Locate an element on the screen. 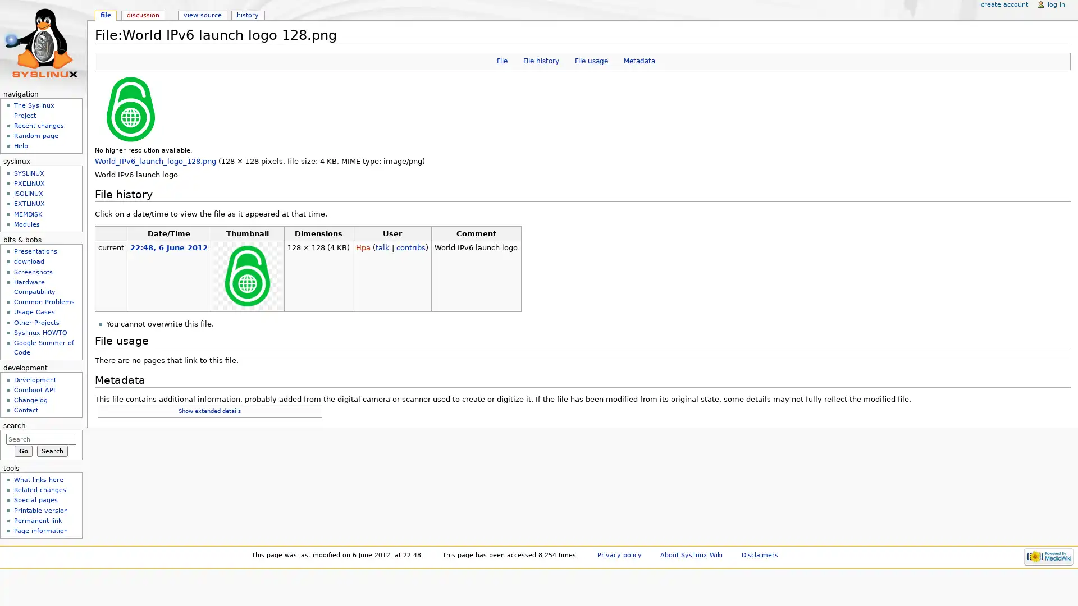 Image resolution: width=1078 pixels, height=606 pixels. Search is located at coordinates (52, 450).